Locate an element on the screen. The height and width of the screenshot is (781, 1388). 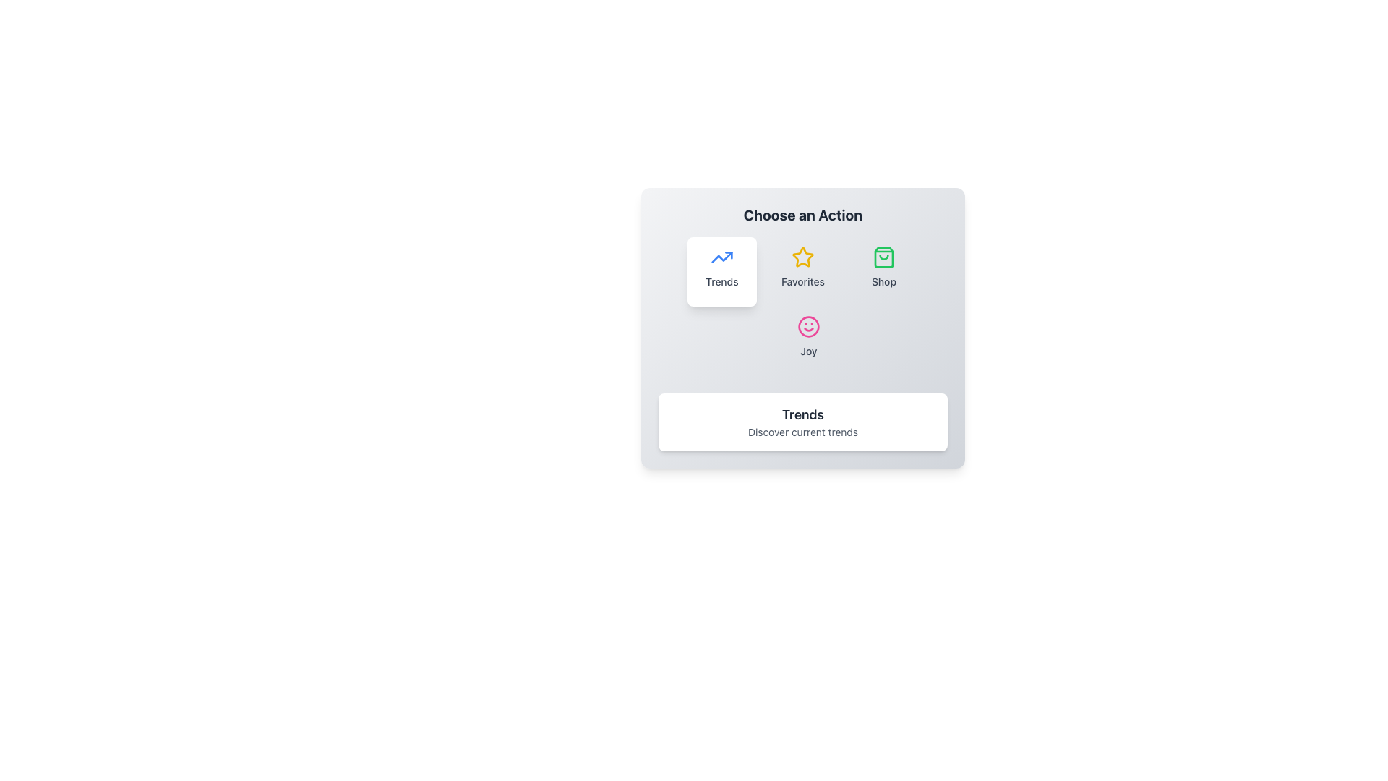
the 'Shop' text label that is displayed in a medium-sized sans-serif font and appears in gray color, located below the green shopping bag icon in the grid layout is located at coordinates (883, 281).